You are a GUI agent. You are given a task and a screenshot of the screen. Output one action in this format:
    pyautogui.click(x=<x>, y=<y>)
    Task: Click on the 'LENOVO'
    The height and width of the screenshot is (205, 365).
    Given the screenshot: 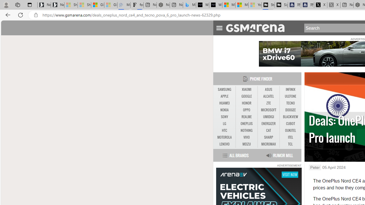 What is the action you would take?
    pyautogui.click(x=224, y=144)
    